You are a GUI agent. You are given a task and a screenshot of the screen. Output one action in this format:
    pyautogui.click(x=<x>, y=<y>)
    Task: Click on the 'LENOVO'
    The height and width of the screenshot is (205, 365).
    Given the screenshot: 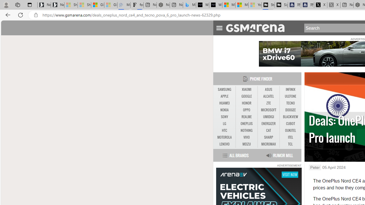 What is the action you would take?
    pyautogui.click(x=224, y=144)
    